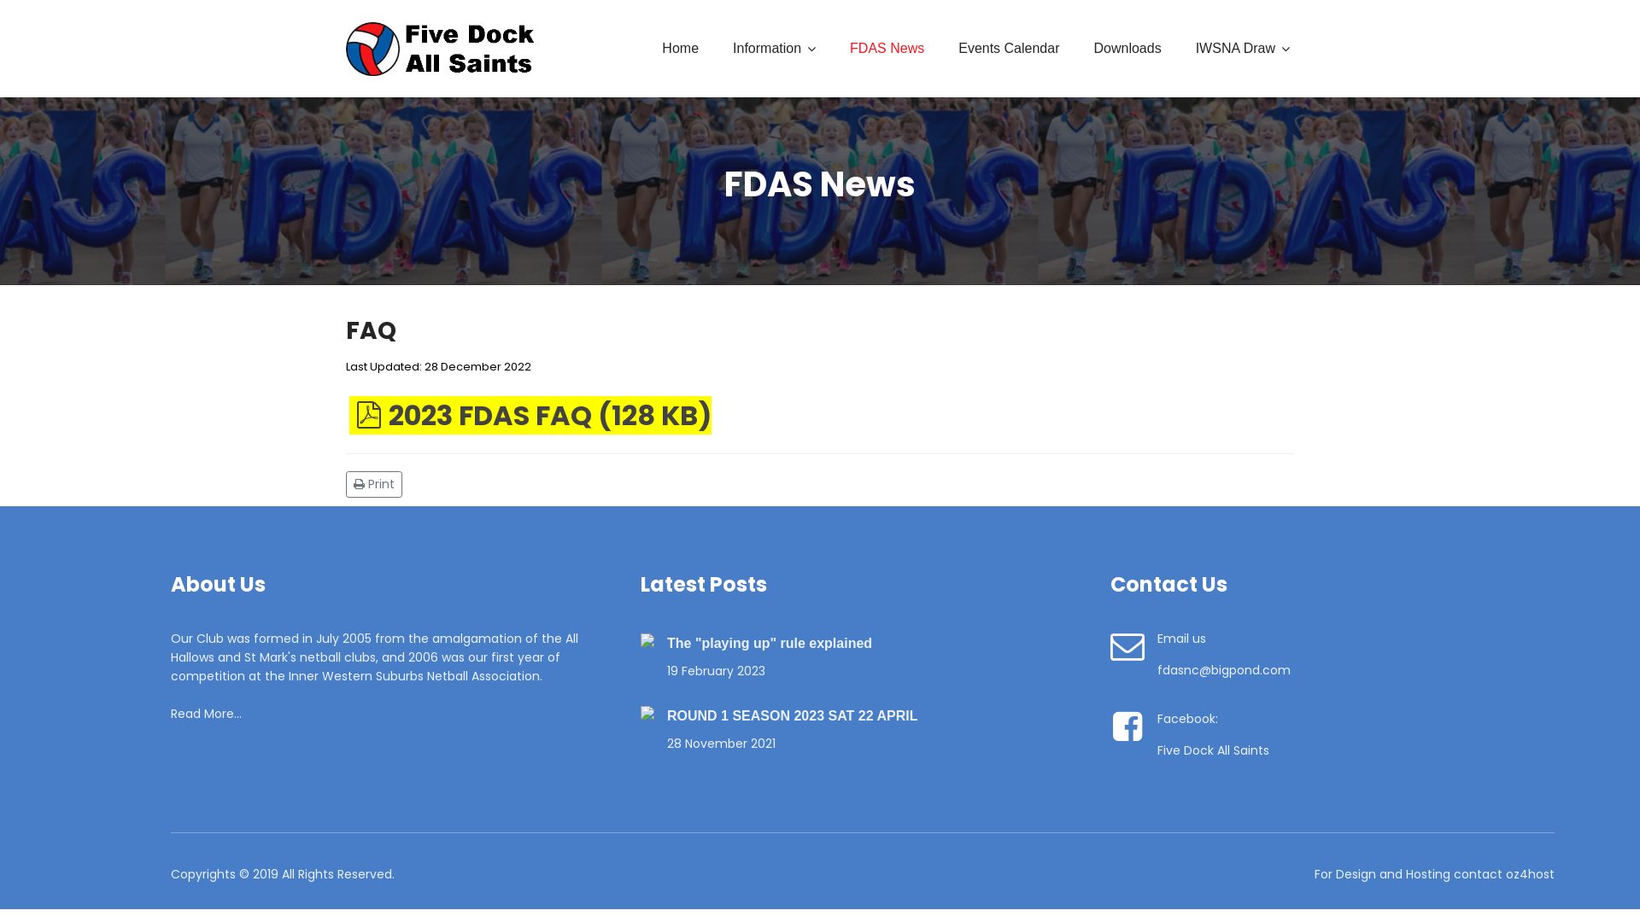 This screenshot has height=922, width=1640. What do you see at coordinates (679, 48) in the screenshot?
I see `'Home'` at bounding box center [679, 48].